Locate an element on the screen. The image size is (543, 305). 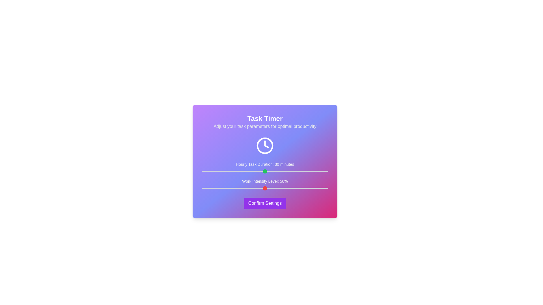
the 'Hourly Task Duration' slider to 60 minutes is located at coordinates (328, 171).